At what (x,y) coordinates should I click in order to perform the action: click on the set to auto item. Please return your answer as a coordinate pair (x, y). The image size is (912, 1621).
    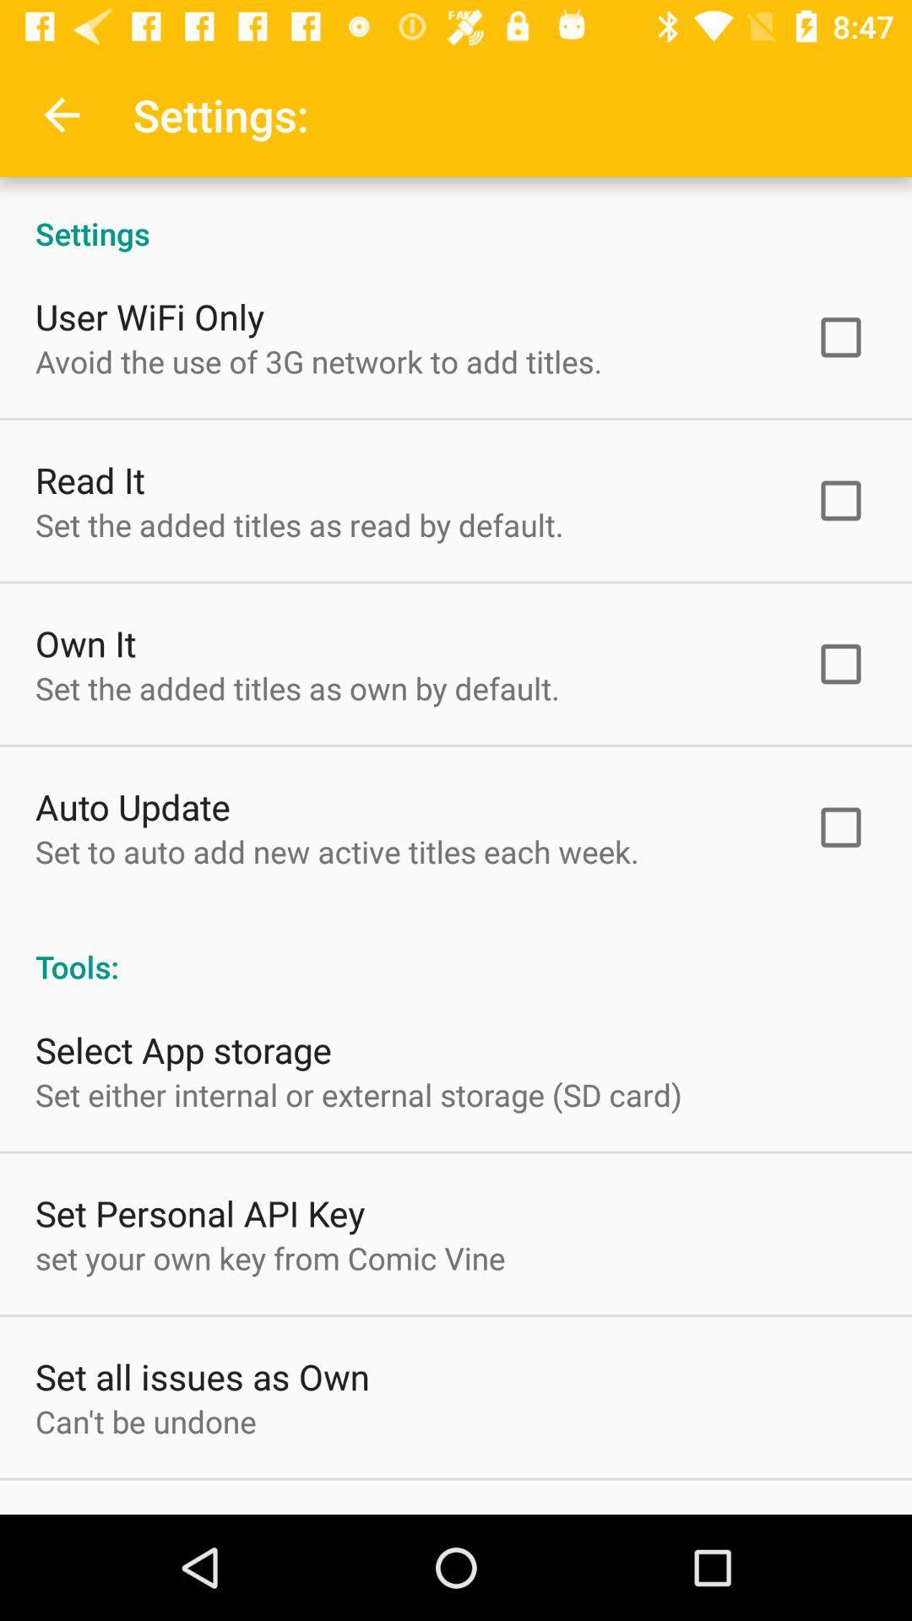
    Looking at the image, I should click on (337, 851).